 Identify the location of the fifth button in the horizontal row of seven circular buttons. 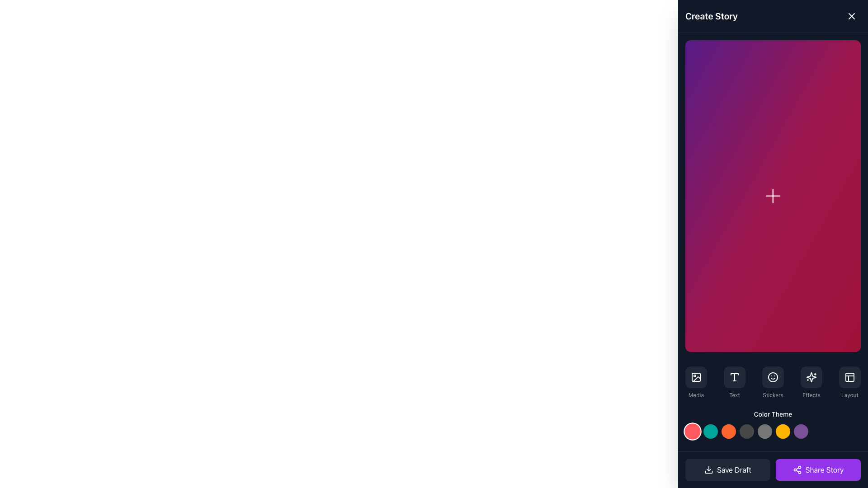
(764, 430).